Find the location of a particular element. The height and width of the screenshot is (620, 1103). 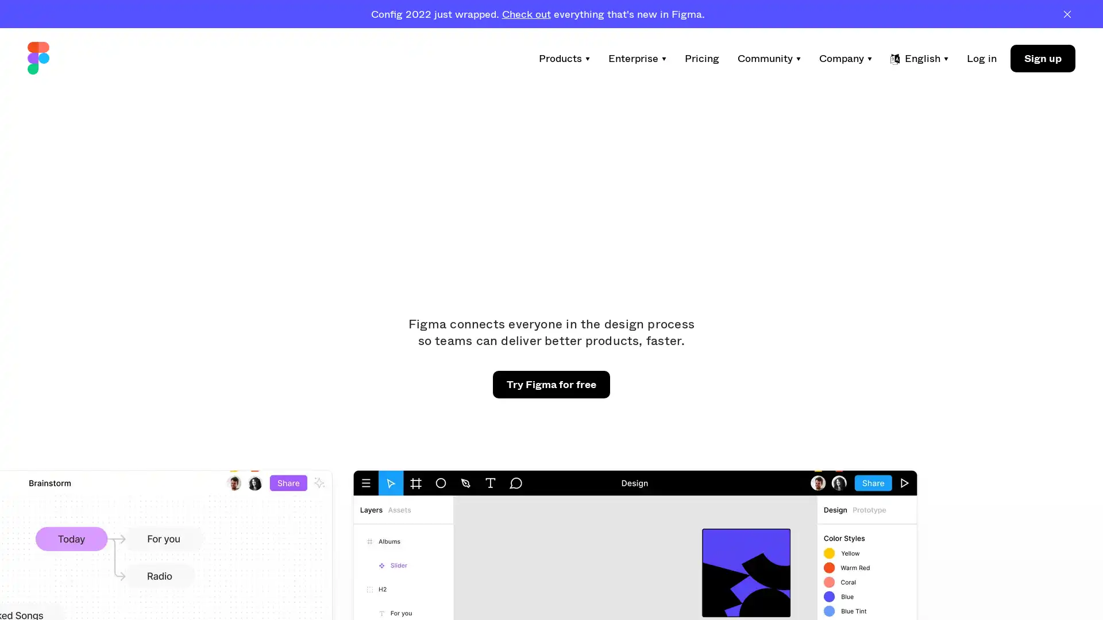

Dismiss is located at coordinates (1066, 13).